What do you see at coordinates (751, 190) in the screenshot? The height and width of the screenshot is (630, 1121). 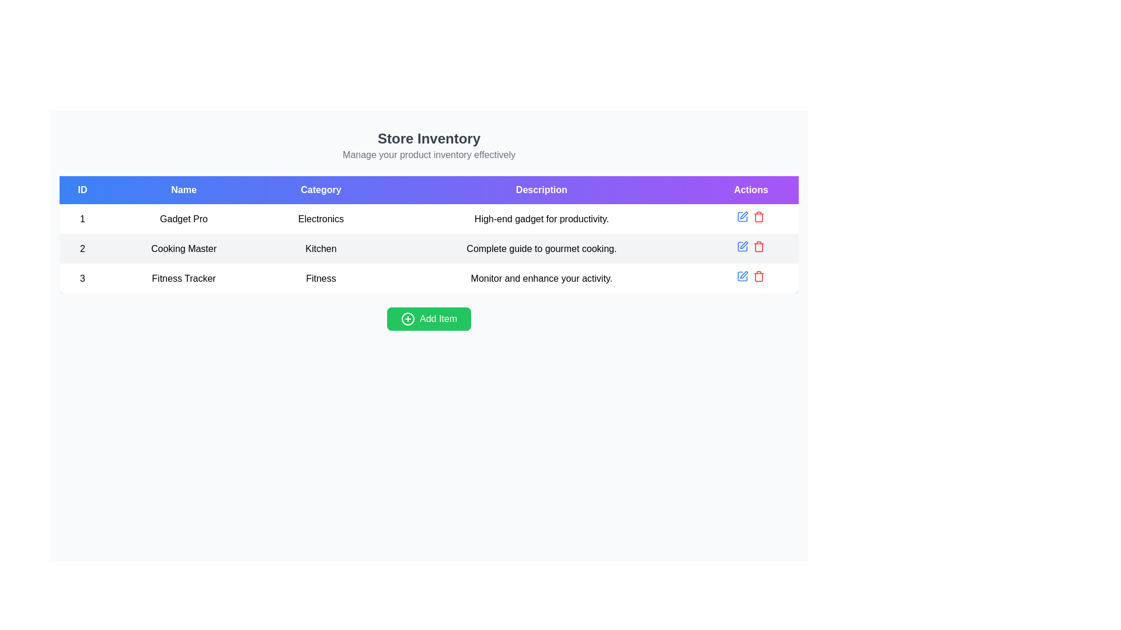 I see `the 'Actions' header text, which is the fifth header in a row, displayed in white font on a purple background` at bounding box center [751, 190].